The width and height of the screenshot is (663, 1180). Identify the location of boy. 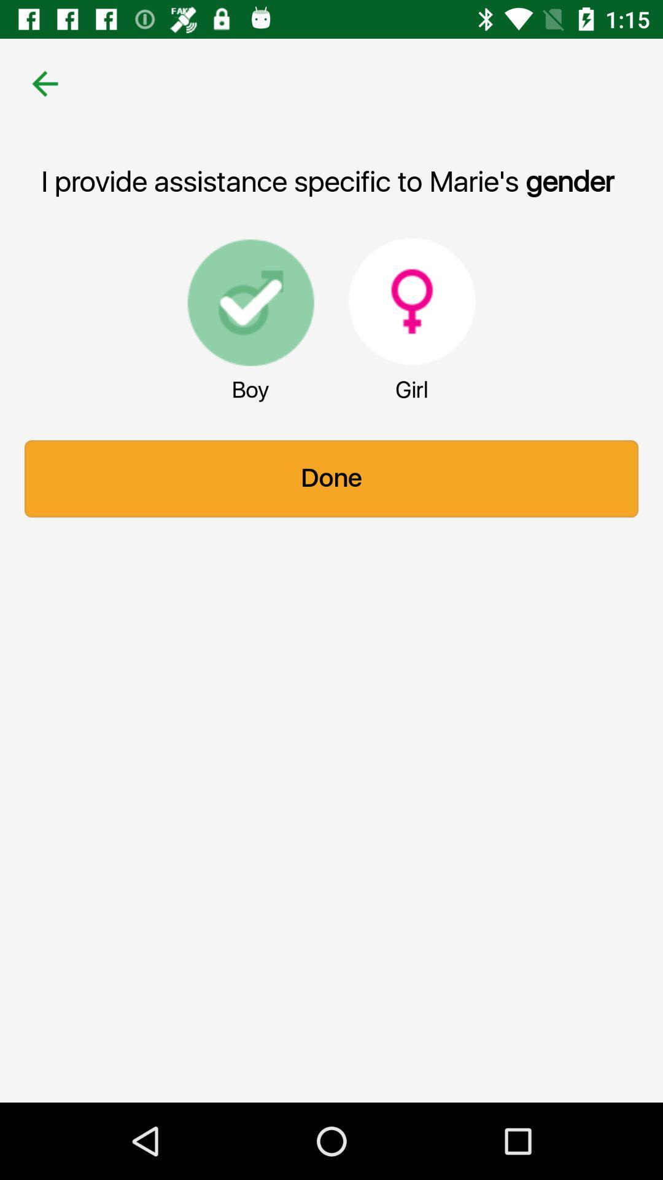
(250, 301).